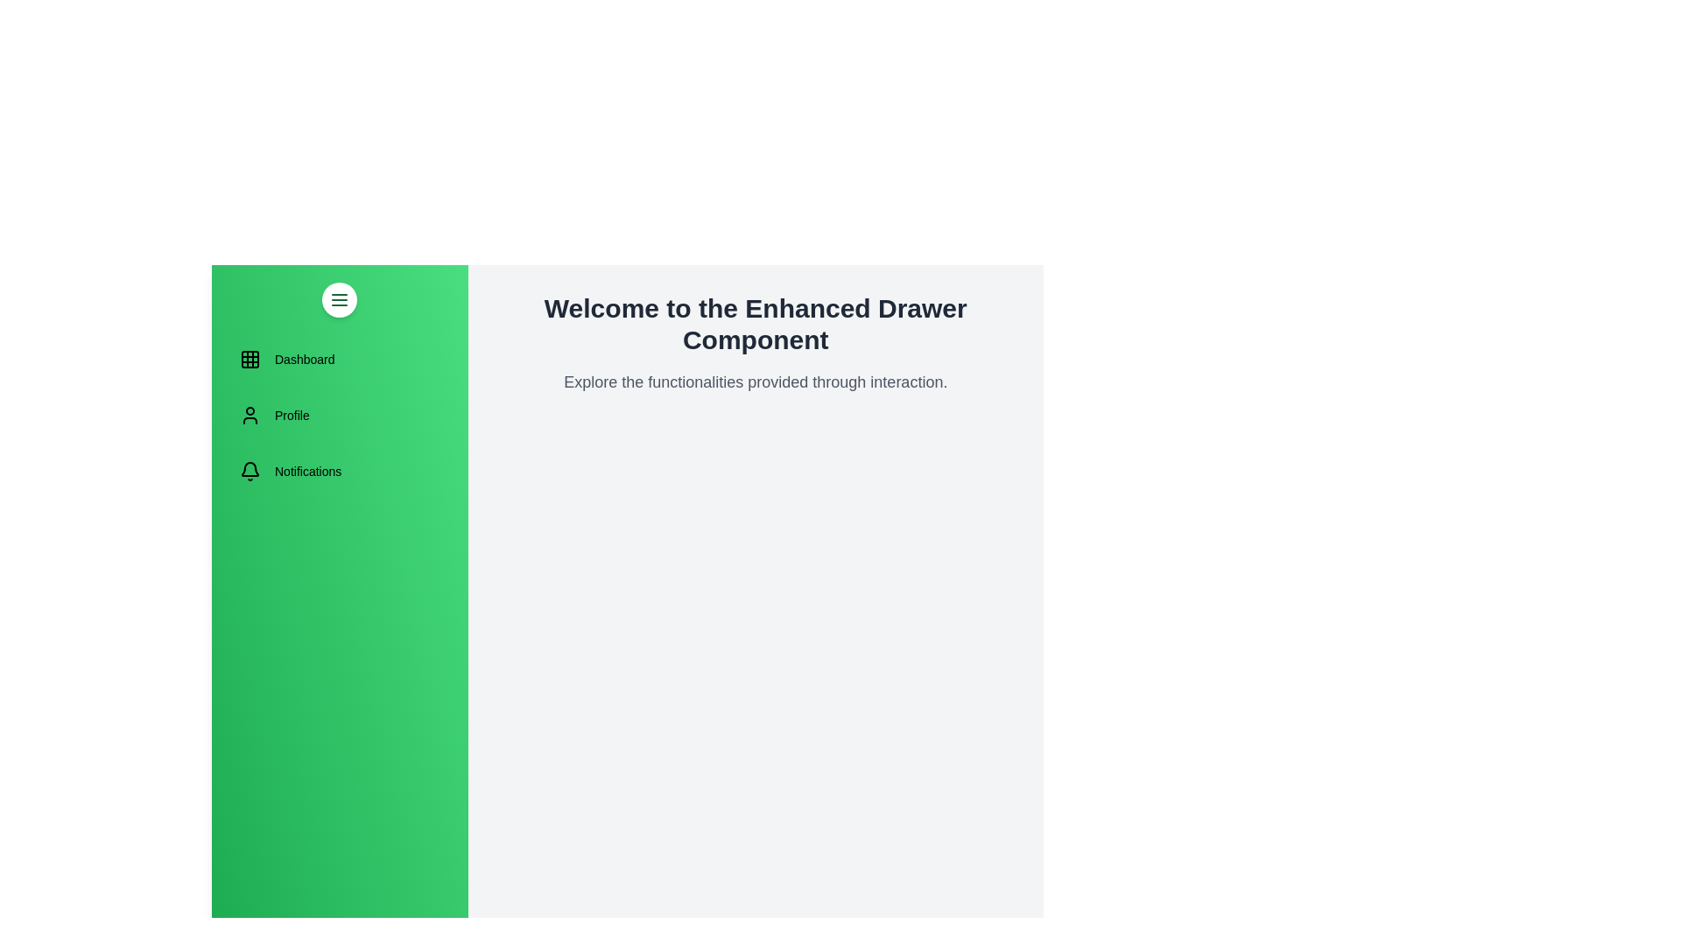 This screenshot has width=1681, height=945. I want to click on the menu item Profile to navigate to the corresponding section, so click(340, 415).